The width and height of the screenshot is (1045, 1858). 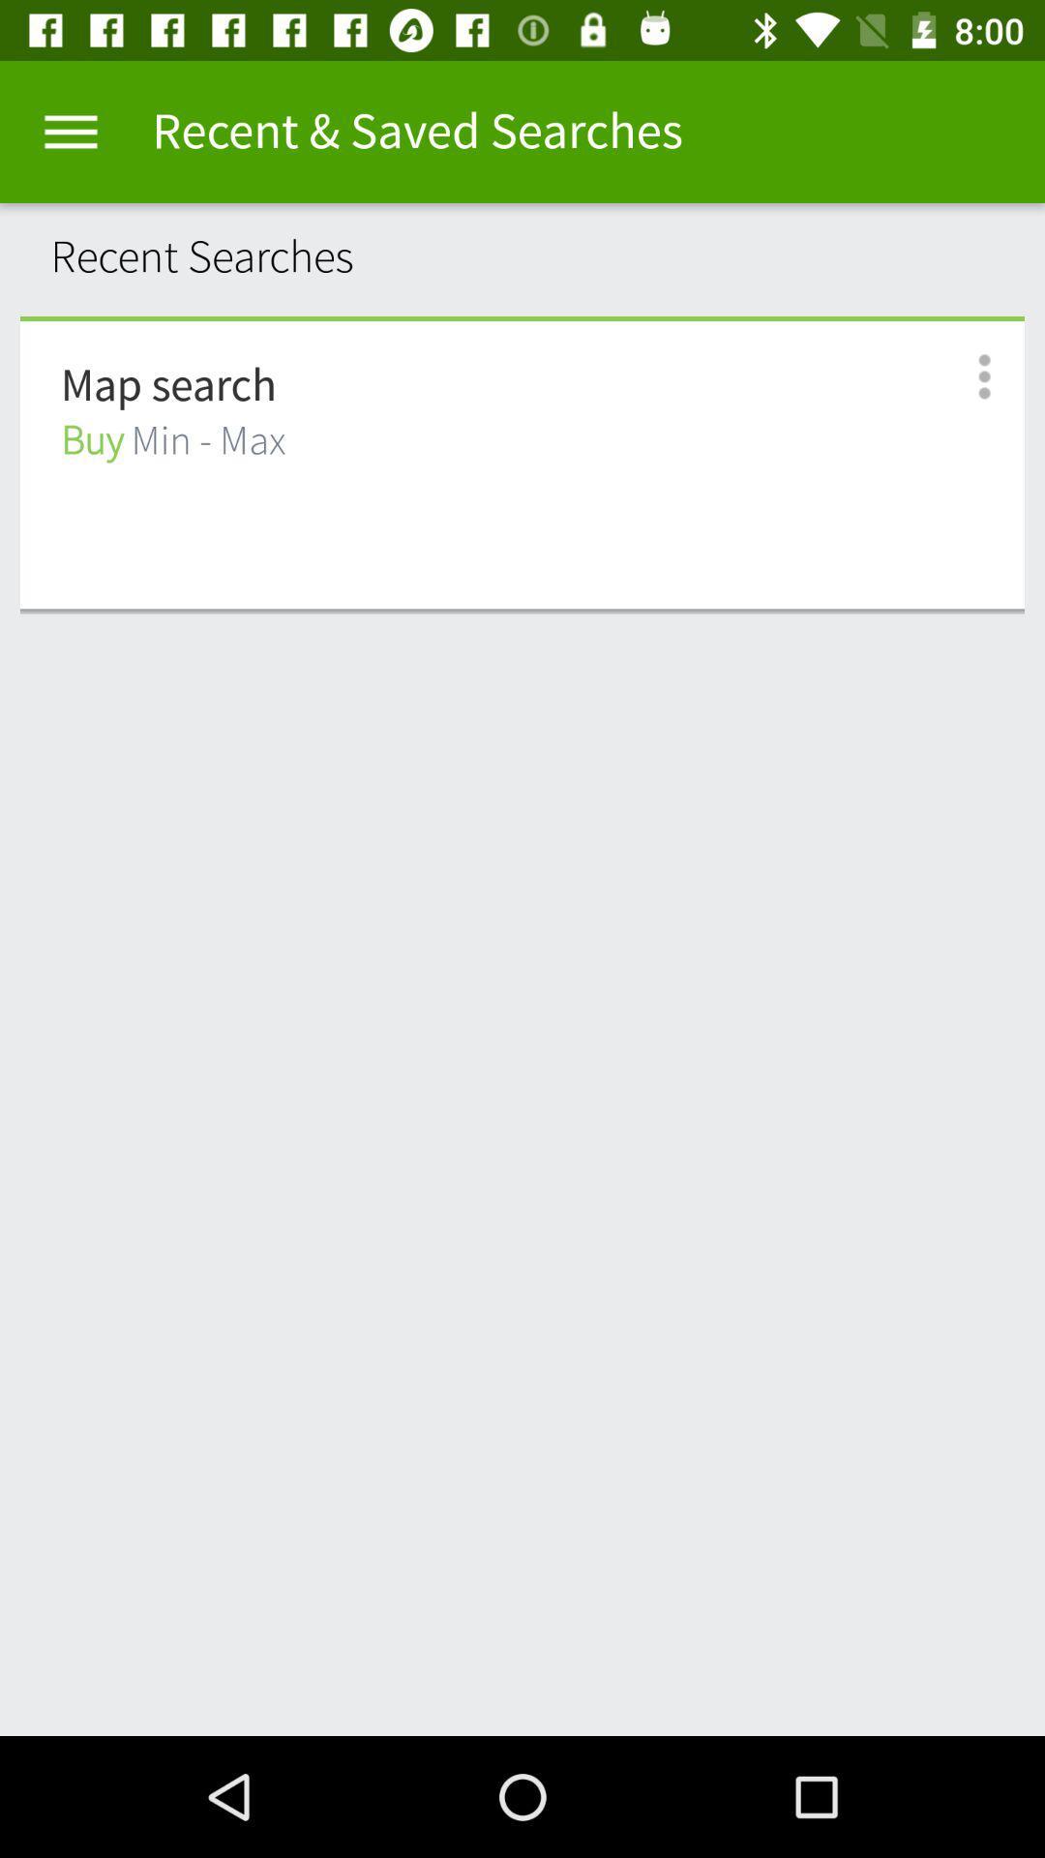 I want to click on item above the recent searches icon, so click(x=70, y=131).